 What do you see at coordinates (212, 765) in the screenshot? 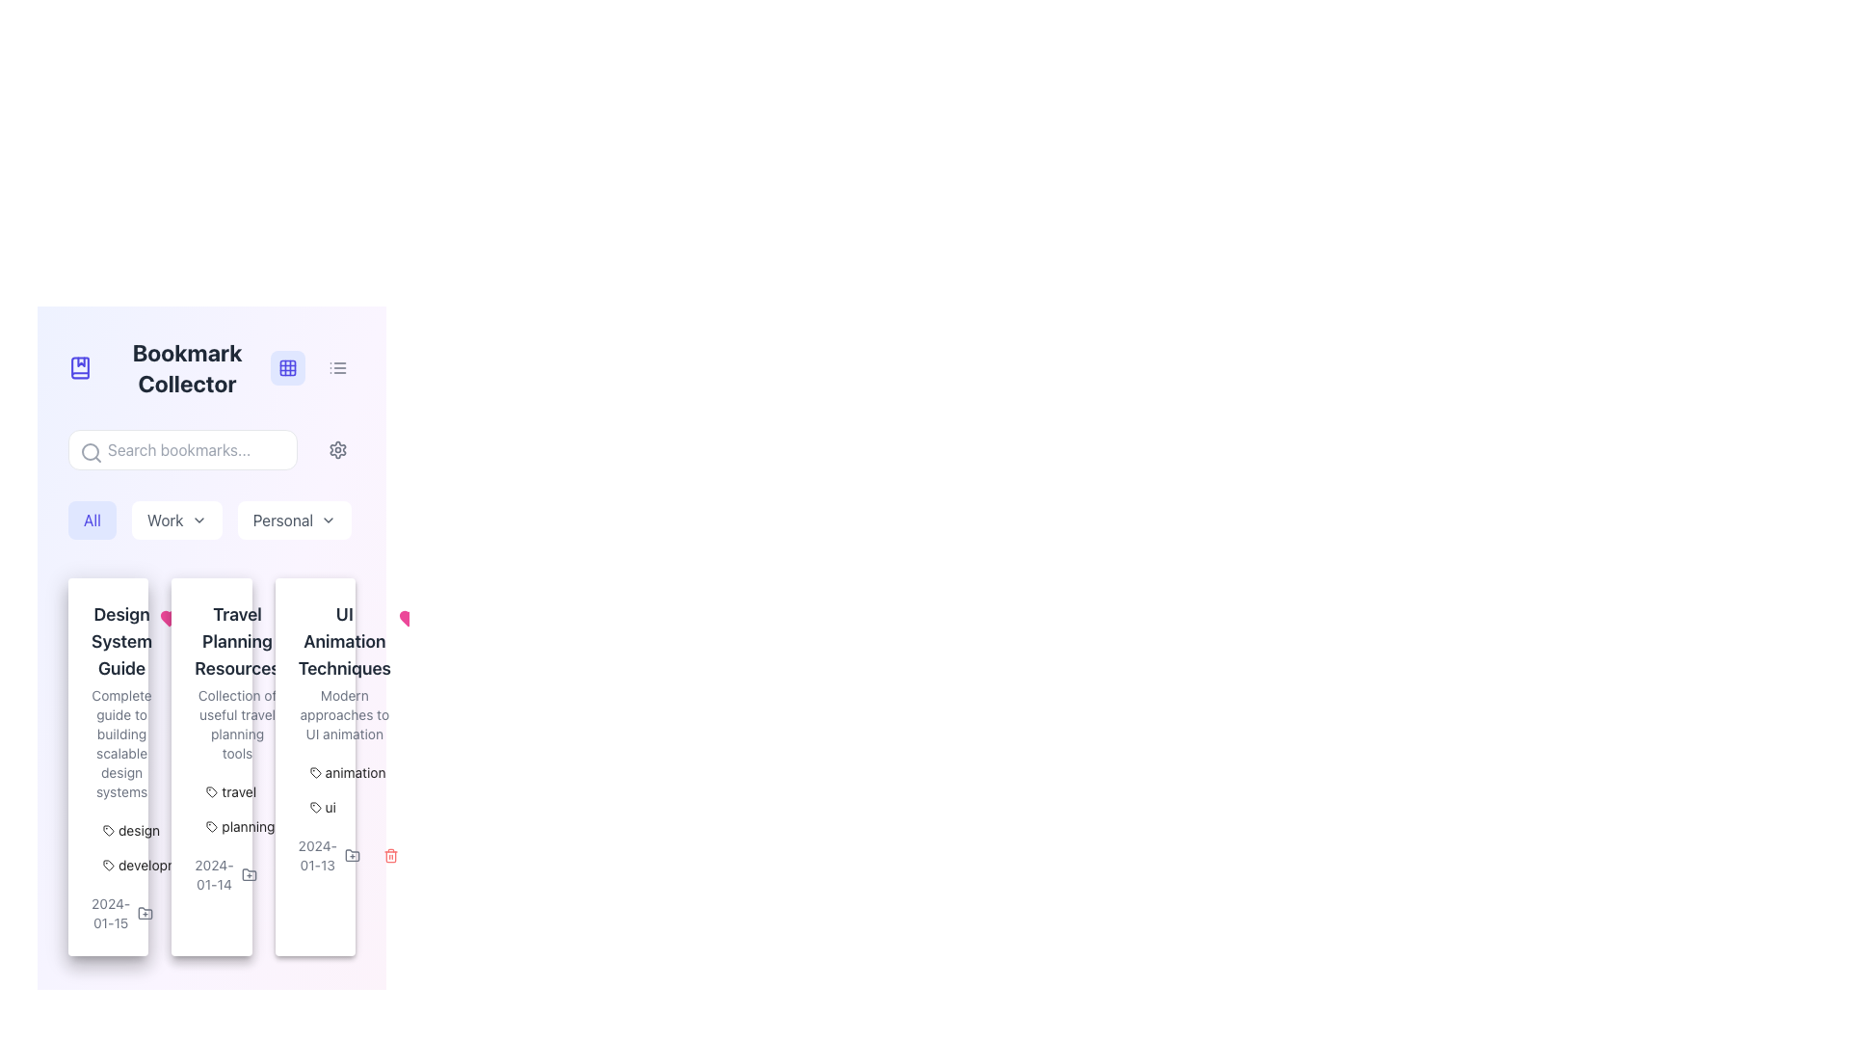
I see `the tags in the 'Travel Planning Resources' card` at bounding box center [212, 765].